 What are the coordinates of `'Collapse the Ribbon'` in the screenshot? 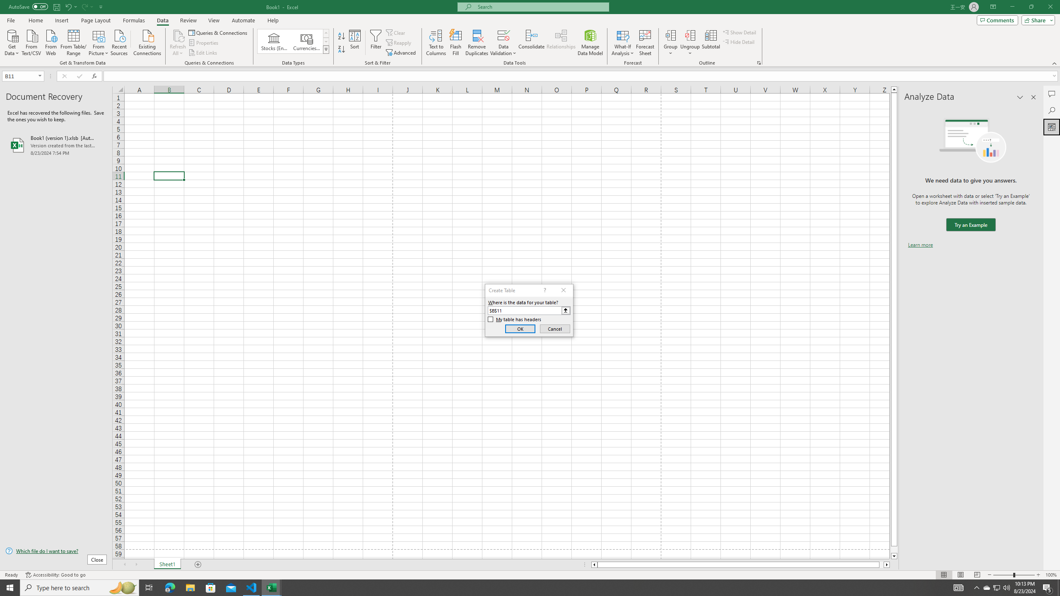 It's located at (1055, 63).